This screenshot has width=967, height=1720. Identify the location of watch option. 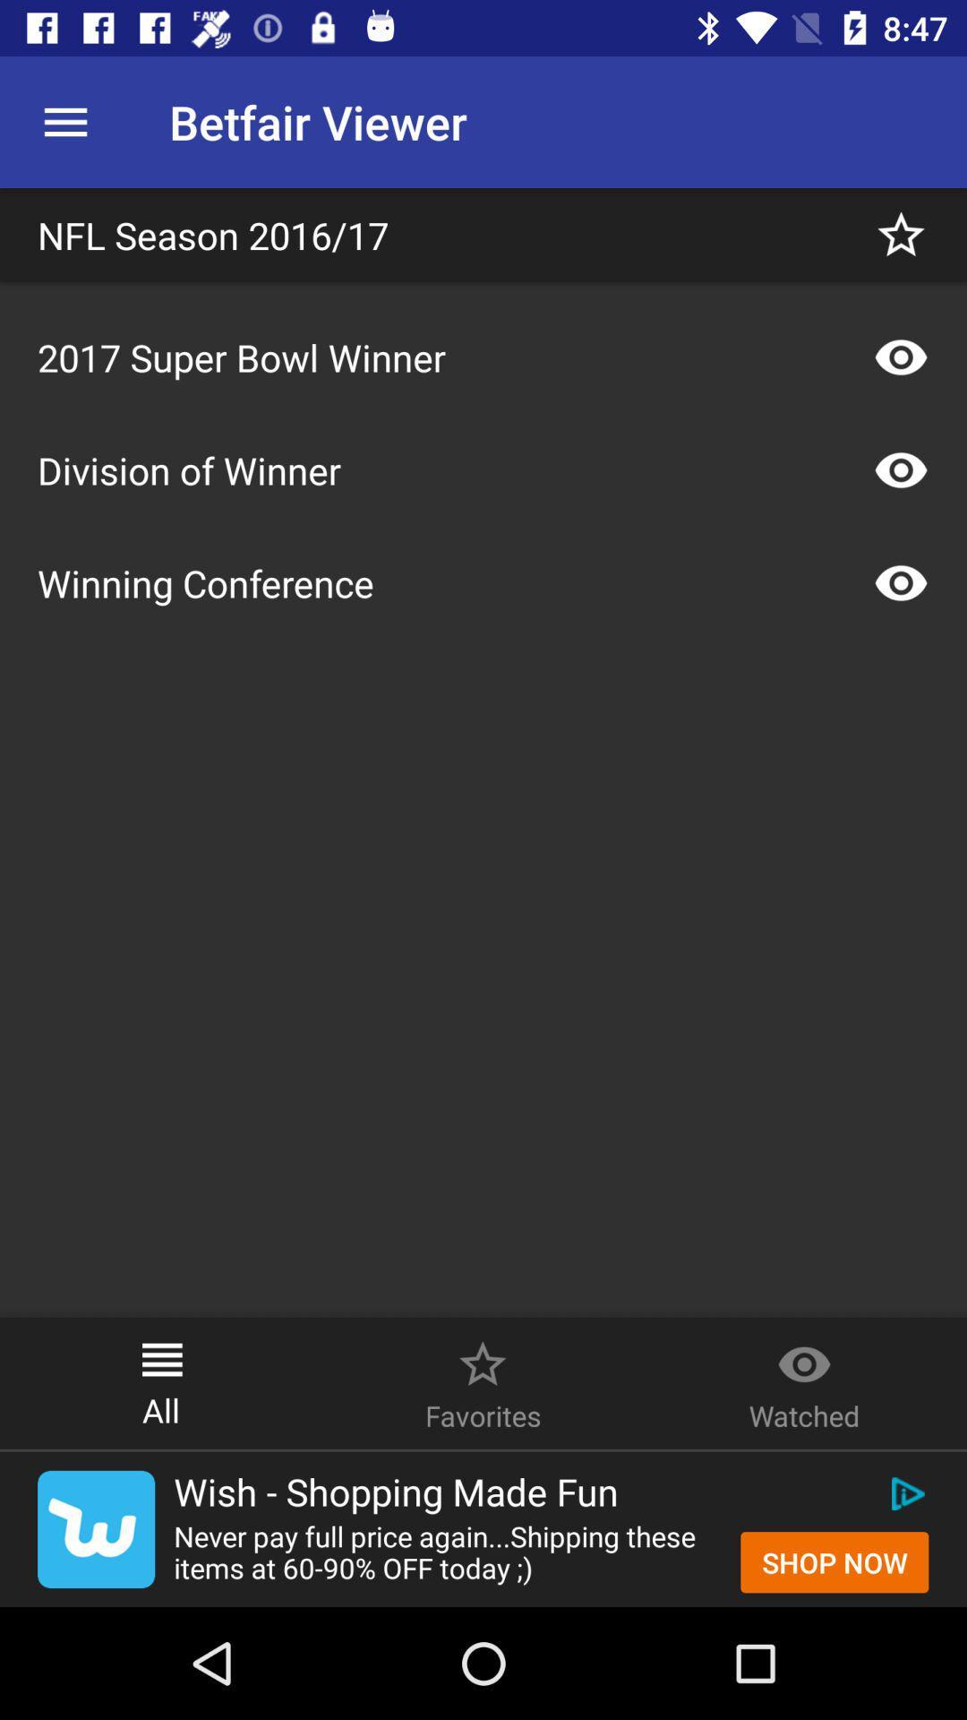
(901, 469).